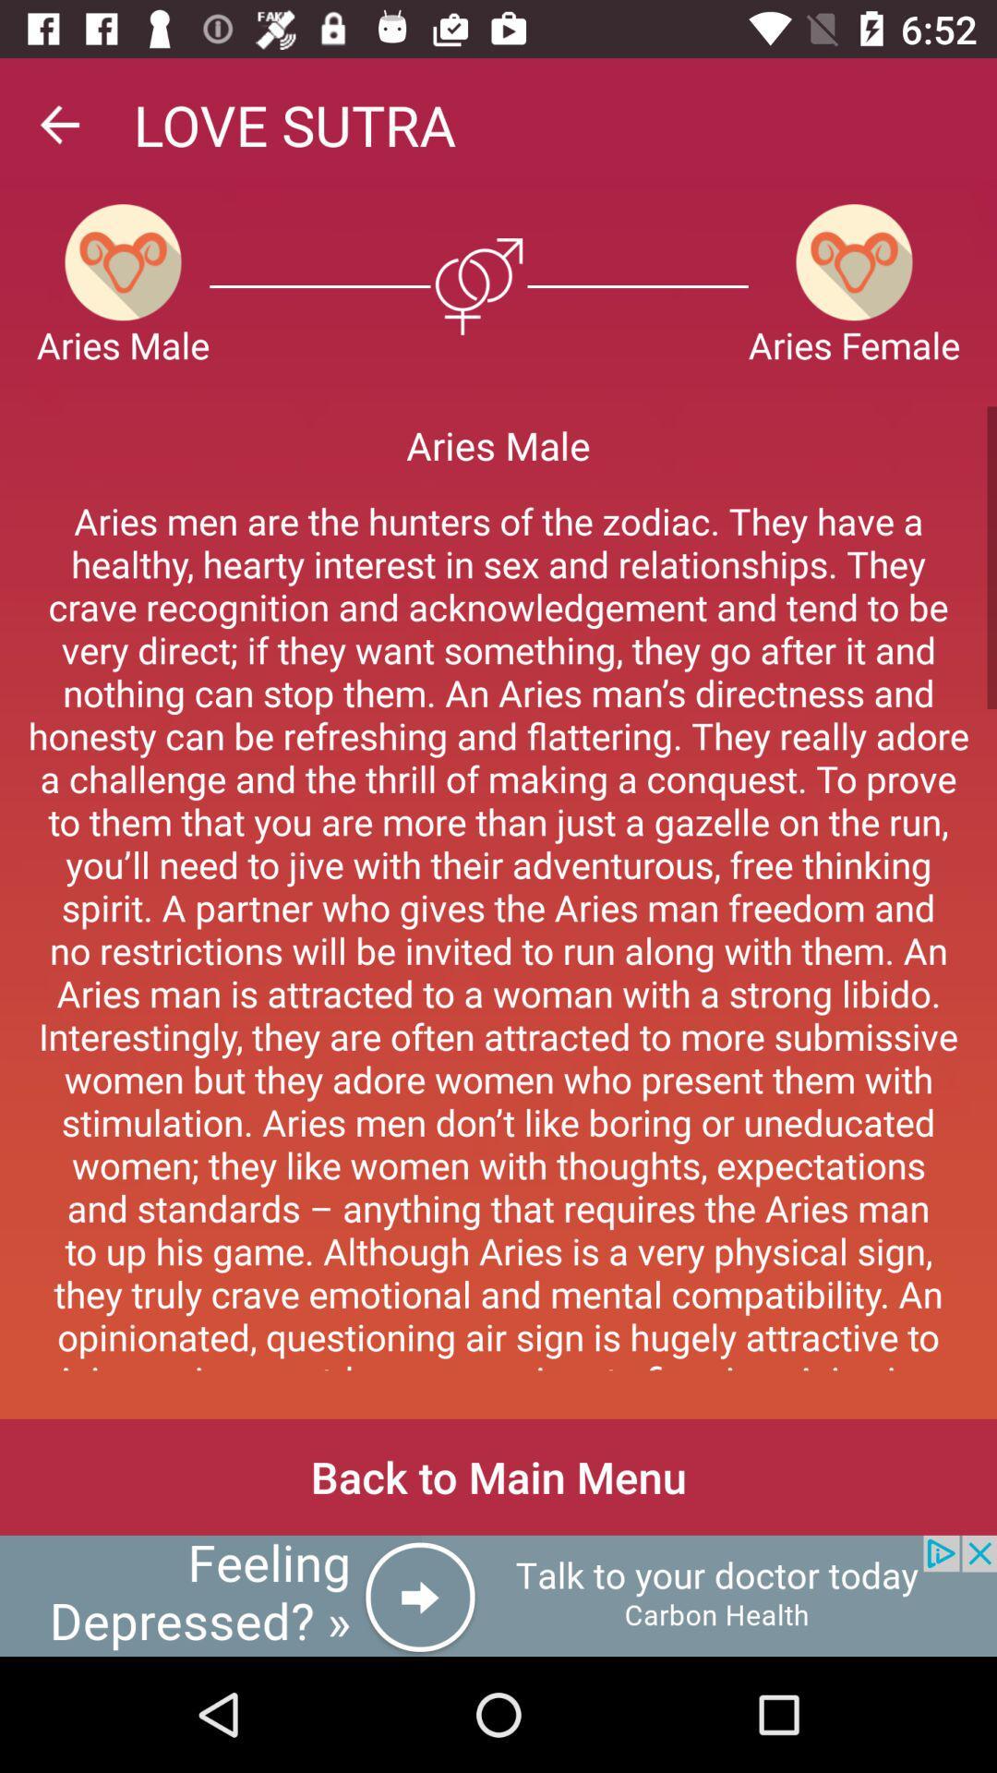 The height and width of the screenshot is (1773, 997). I want to click on go back, so click(58, 124).